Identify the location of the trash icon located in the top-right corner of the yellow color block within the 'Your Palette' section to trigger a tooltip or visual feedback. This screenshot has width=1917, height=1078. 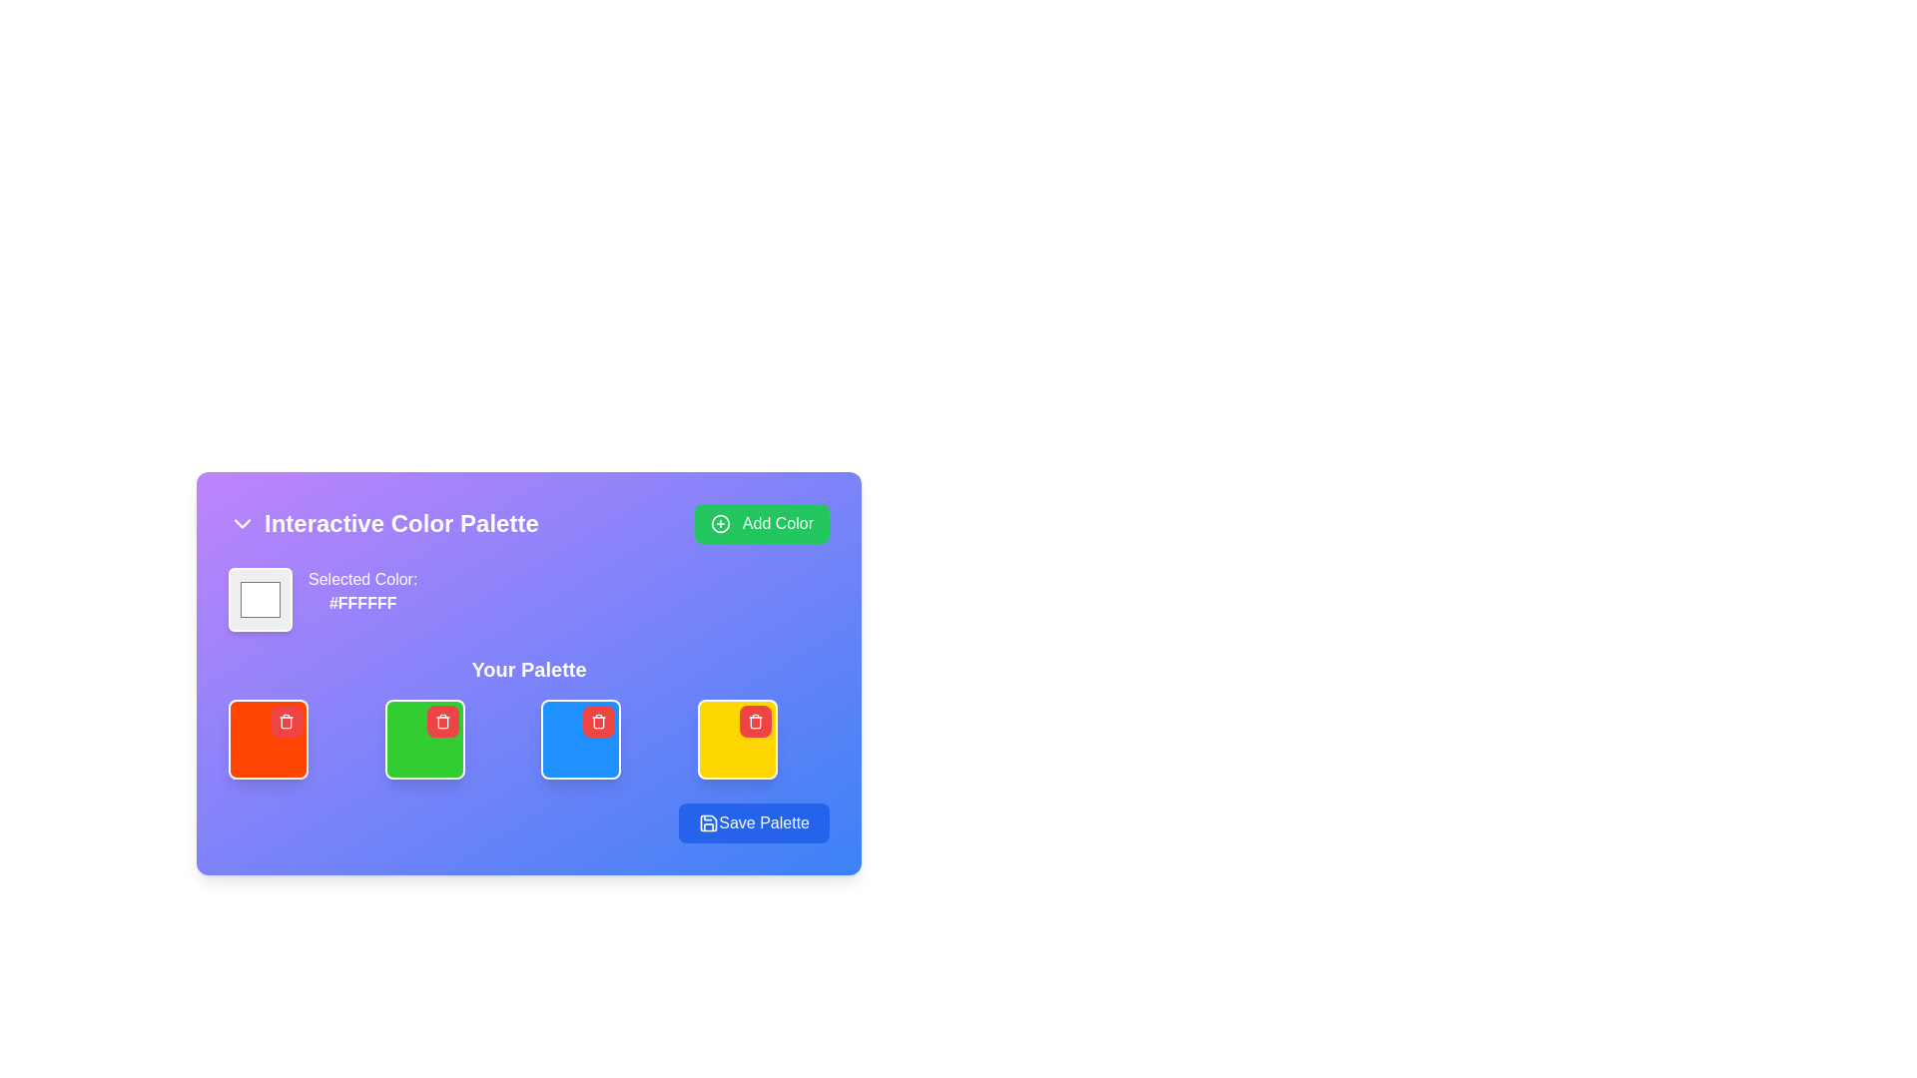
(754, 723).